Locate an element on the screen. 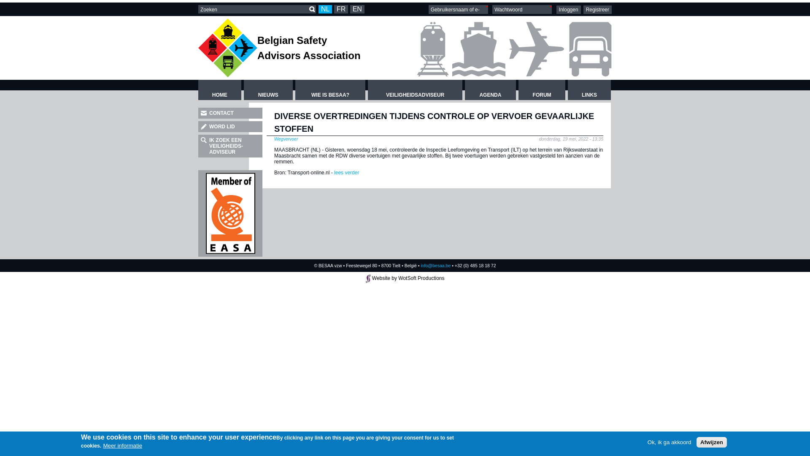 This screenshot has height=456, width=810. 'Meer informatie' is located at coordinates (122, 445).